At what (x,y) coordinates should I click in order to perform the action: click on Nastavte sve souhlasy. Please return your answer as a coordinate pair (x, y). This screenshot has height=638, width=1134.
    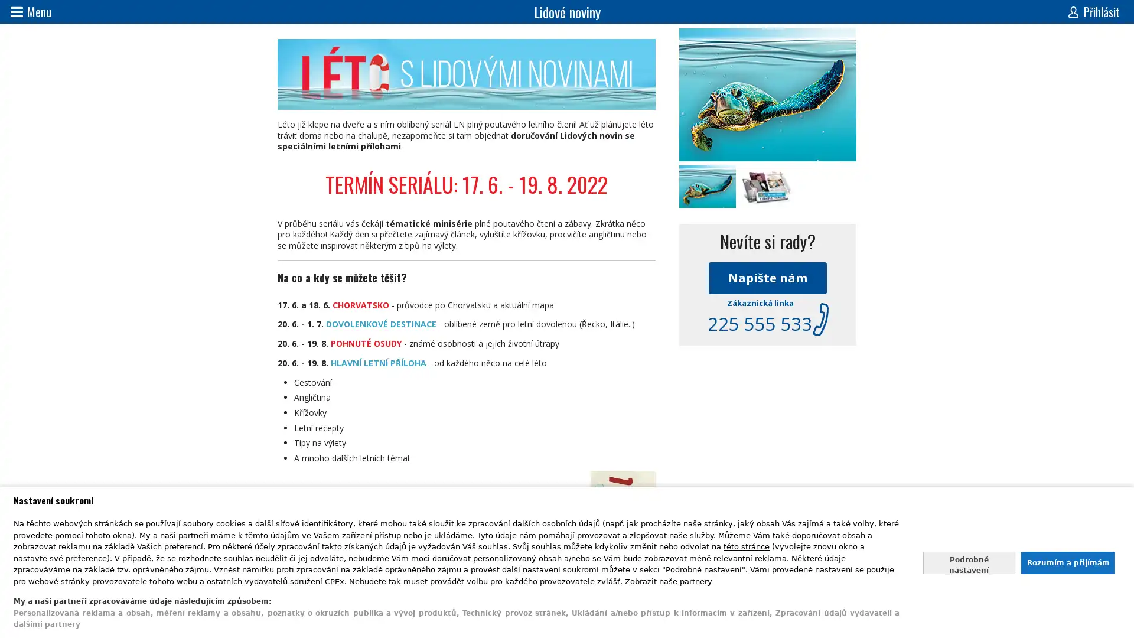
    Looking at the image, I should click on (969, 562).